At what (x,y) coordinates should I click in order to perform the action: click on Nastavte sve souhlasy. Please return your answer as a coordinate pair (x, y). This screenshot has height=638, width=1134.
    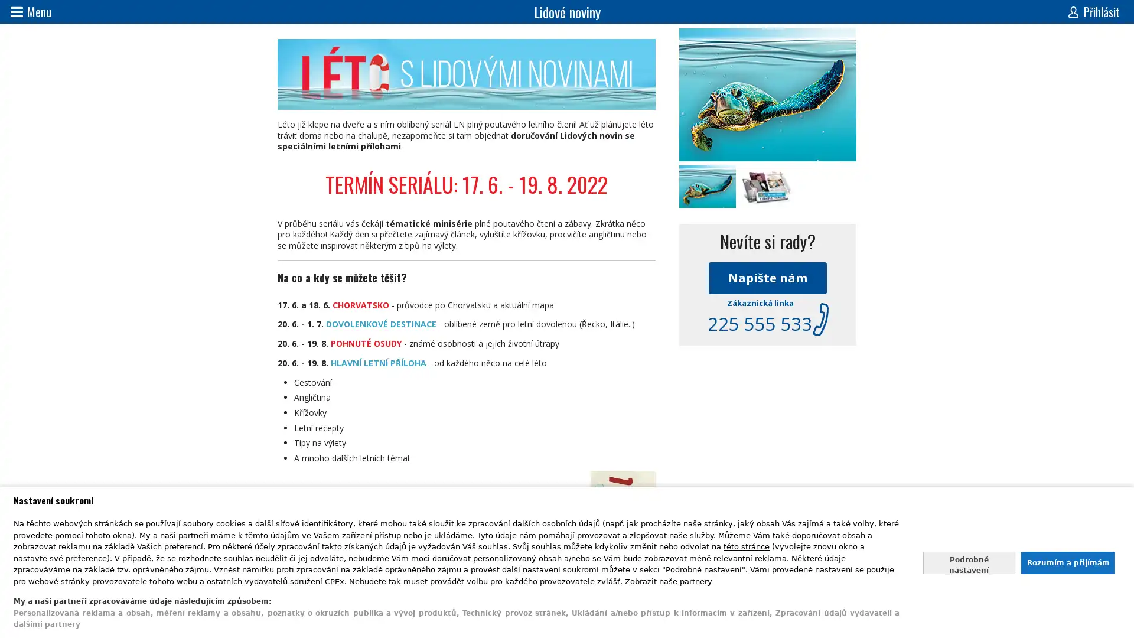
    Looking at the image, I should click on (969, 562).